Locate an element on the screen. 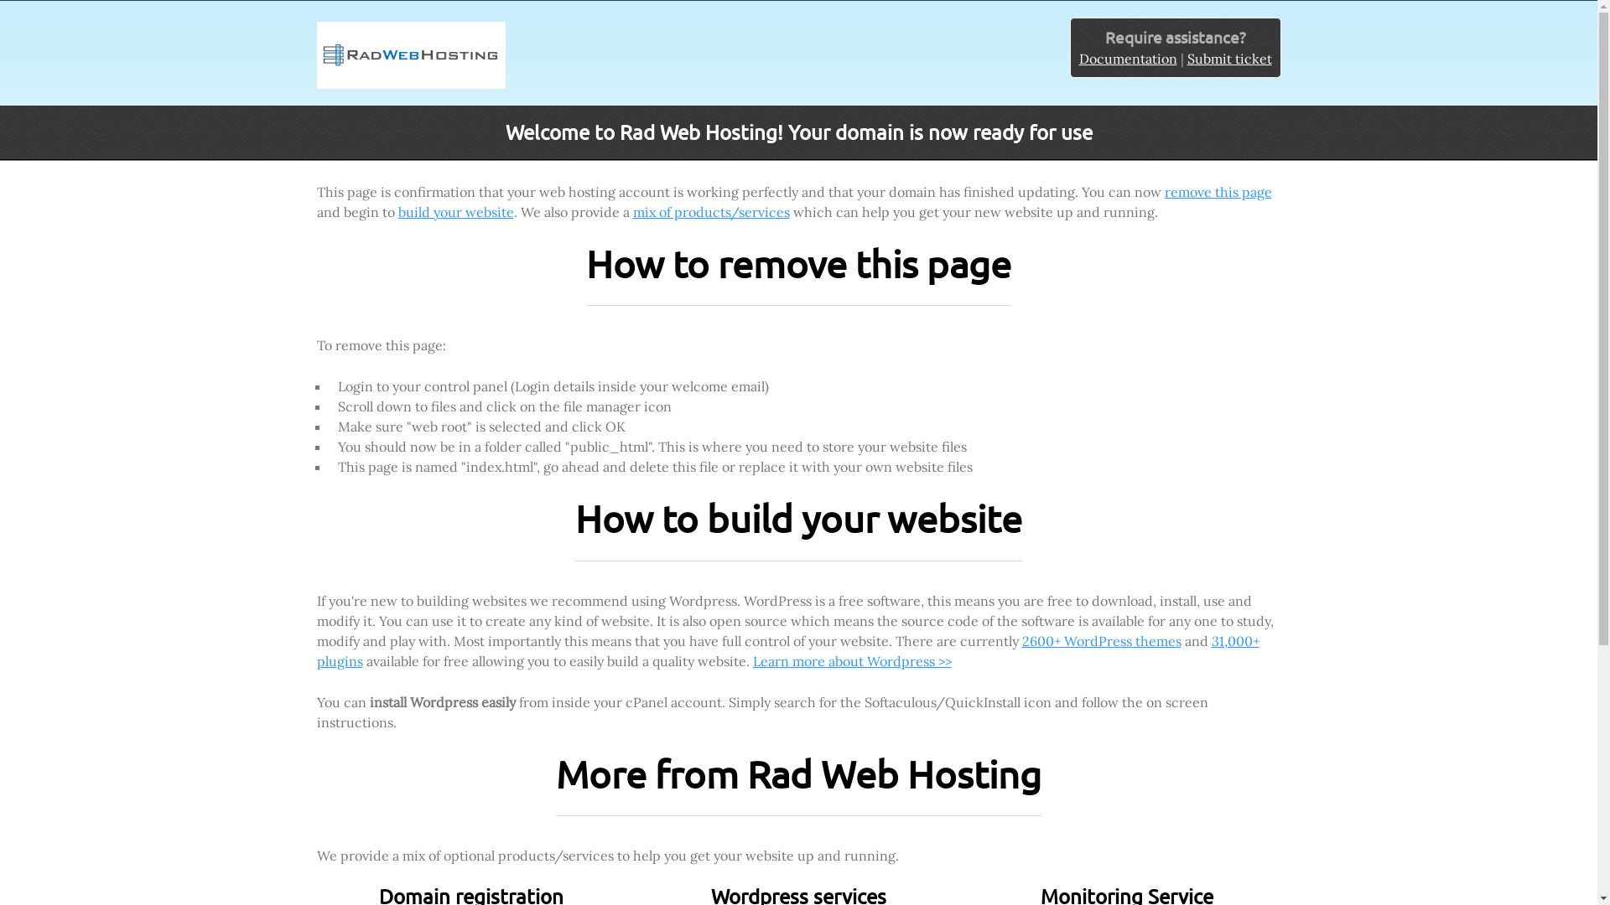 The height and width of the screenshot is (905, 1610). '2600+ WordPress themes' is located at coordinates (1101, 640).